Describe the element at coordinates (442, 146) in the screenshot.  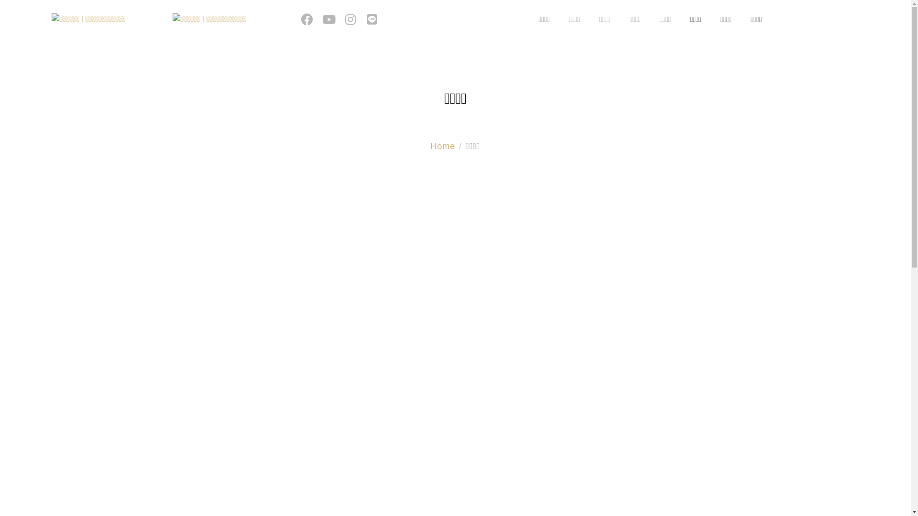
I see `'Home'` at that location.